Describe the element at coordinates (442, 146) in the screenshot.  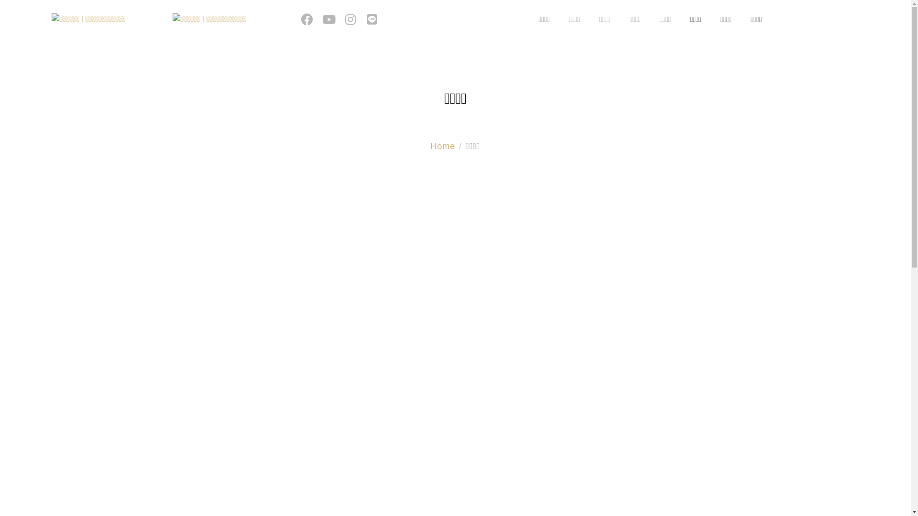
I see `'Home'` at that location.